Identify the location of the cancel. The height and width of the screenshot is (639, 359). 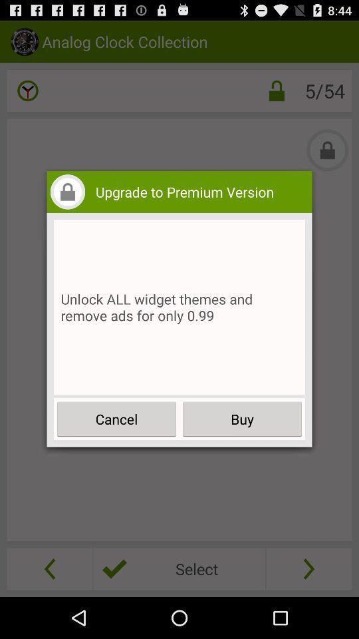
(116, 418).